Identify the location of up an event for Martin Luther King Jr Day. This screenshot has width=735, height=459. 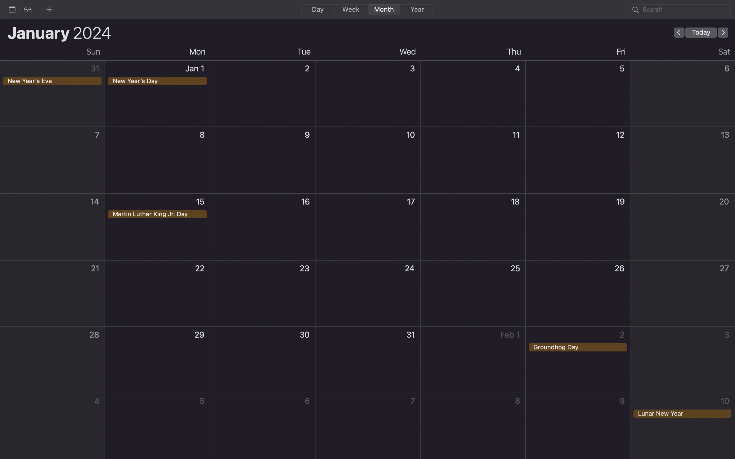
(158, 226).